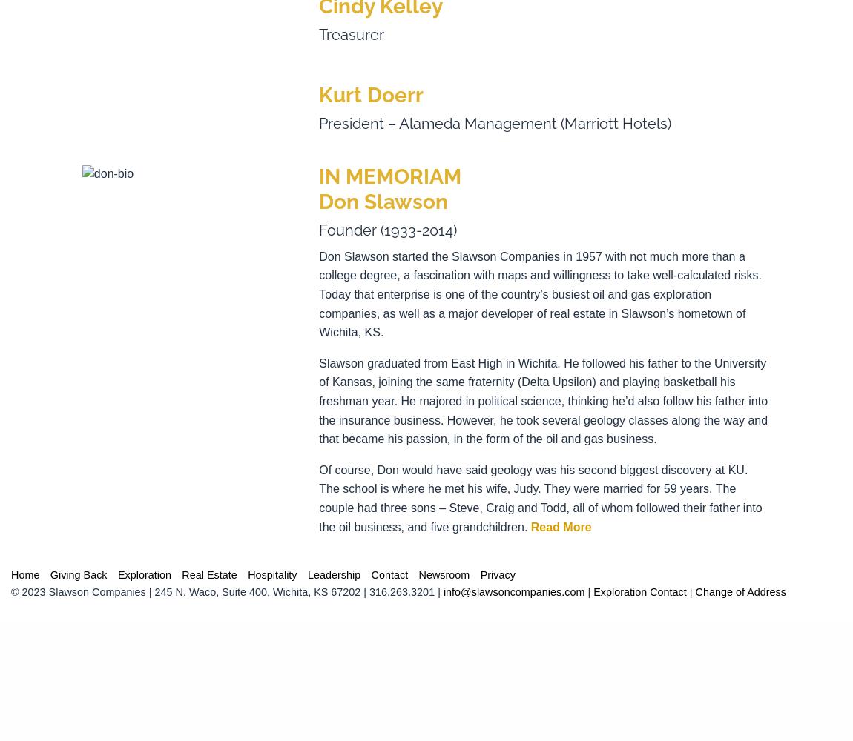 This screenshot has width=853, height=741. What do you see at coordinates (383, 201) in the screenshot?
I see `'Don Slawson'` at bounding box center [383, 201].